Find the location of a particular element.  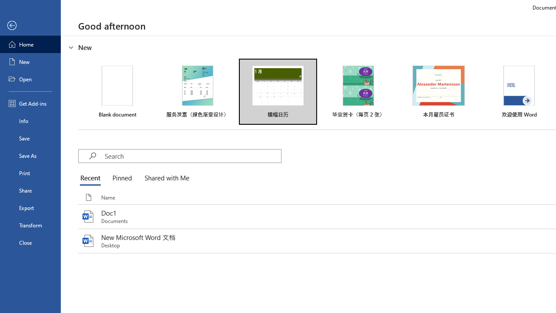

'Save As' is located at coordinates (30, 155).